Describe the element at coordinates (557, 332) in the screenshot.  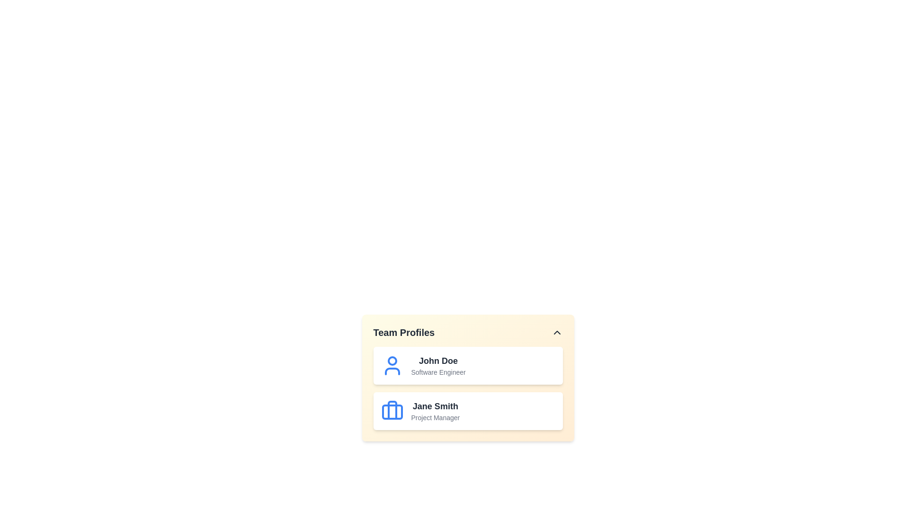
I see `the chevron-shaped upward arrow button located at the far right side of the 'Team Profiles' header` at that location.